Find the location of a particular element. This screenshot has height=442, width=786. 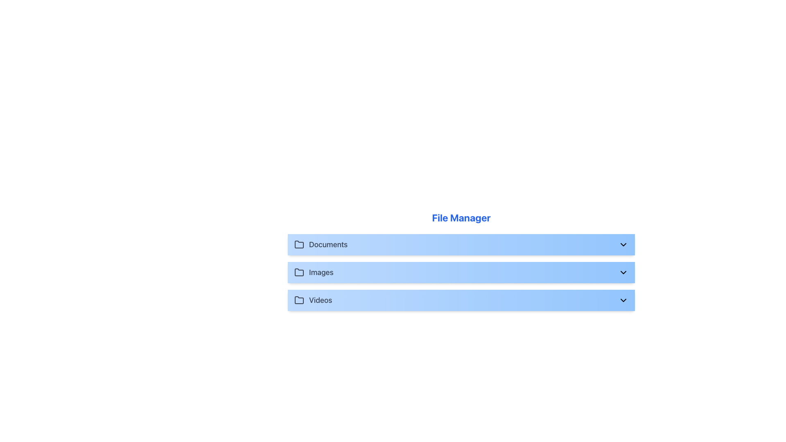

the SVG chevron icon indicating 'Images' is located at coordinates (623, 273).